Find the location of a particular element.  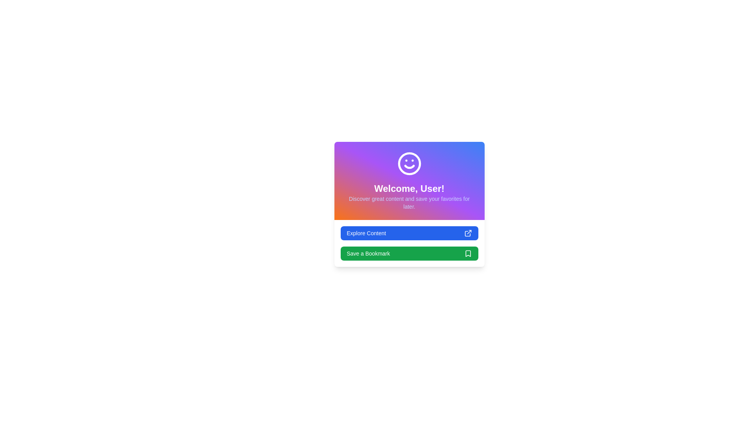

text label indicating the purpose of the green button that saves a bookmark, located beneath the blue button labeled 'Explore Content' is located at coordinates (368, 253).